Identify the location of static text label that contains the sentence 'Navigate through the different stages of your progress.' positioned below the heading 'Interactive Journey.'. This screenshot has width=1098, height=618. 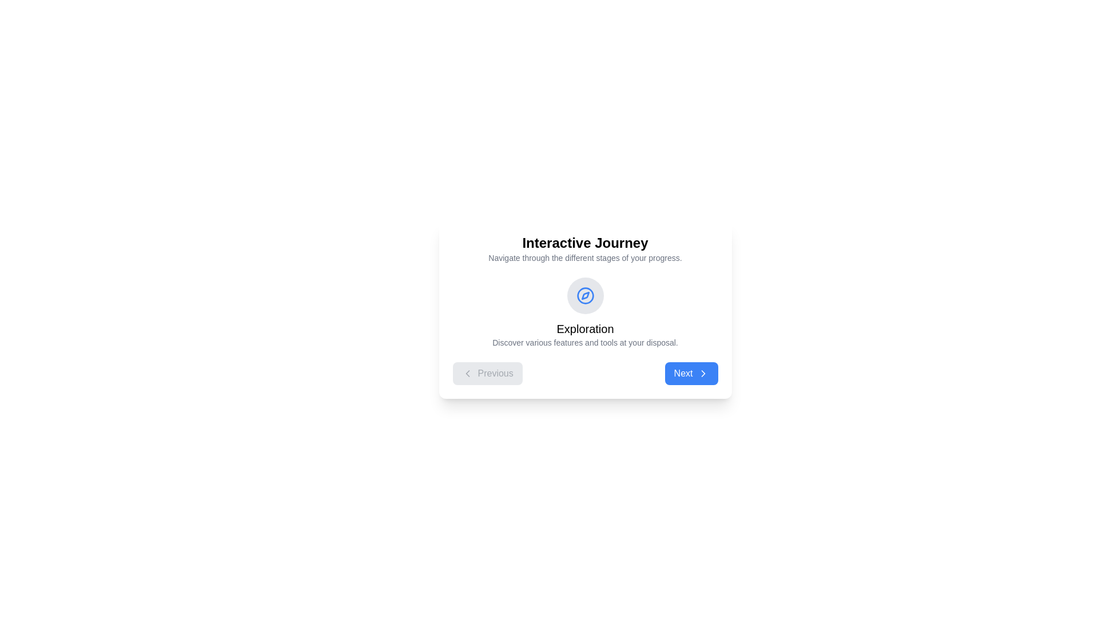
(585, 258).